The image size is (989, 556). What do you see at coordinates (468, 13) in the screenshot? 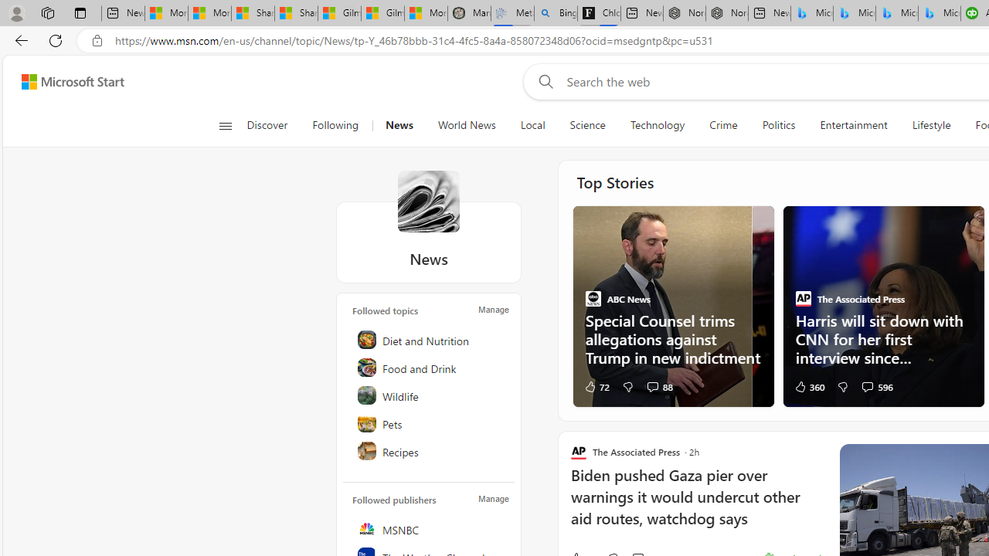
I see `'Manatee Mortality Statistics | FWC'` at bounding box center [468, 13].